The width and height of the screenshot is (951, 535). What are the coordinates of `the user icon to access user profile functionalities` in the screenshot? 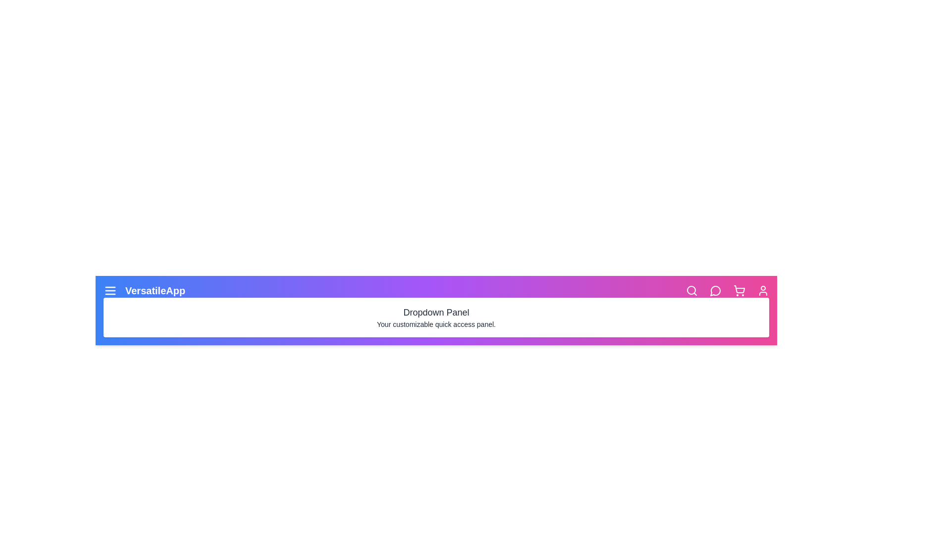 It's located at (762, 290).